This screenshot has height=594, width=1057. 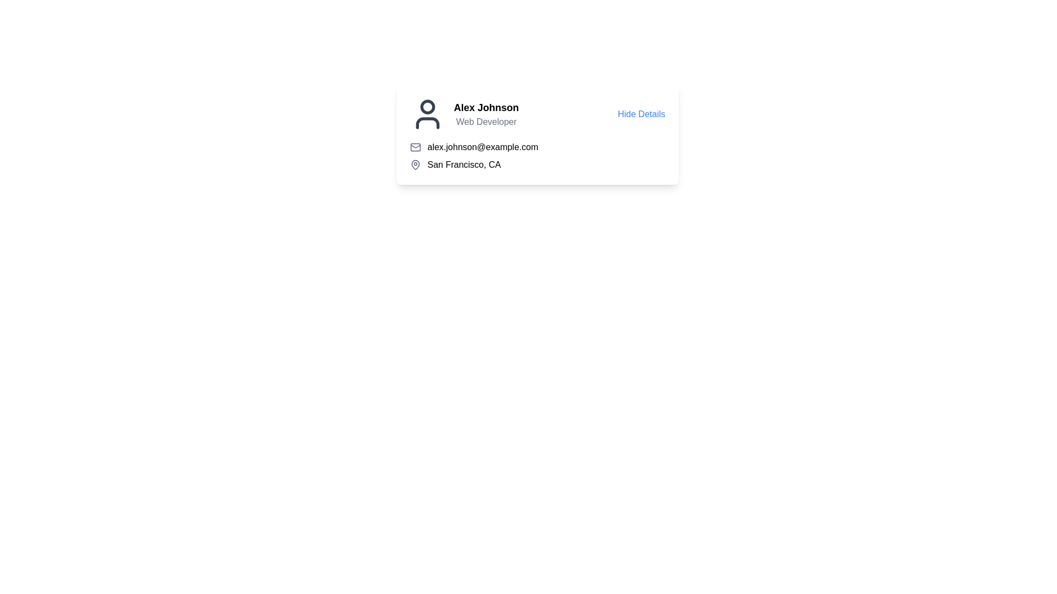 What do you see at coordinates (641, 114) in the screenshot?
I see `the button located at the top-right corner of the user information card, specifically to the right of the text 'Web Developer'` at bounding box center [641, 114].